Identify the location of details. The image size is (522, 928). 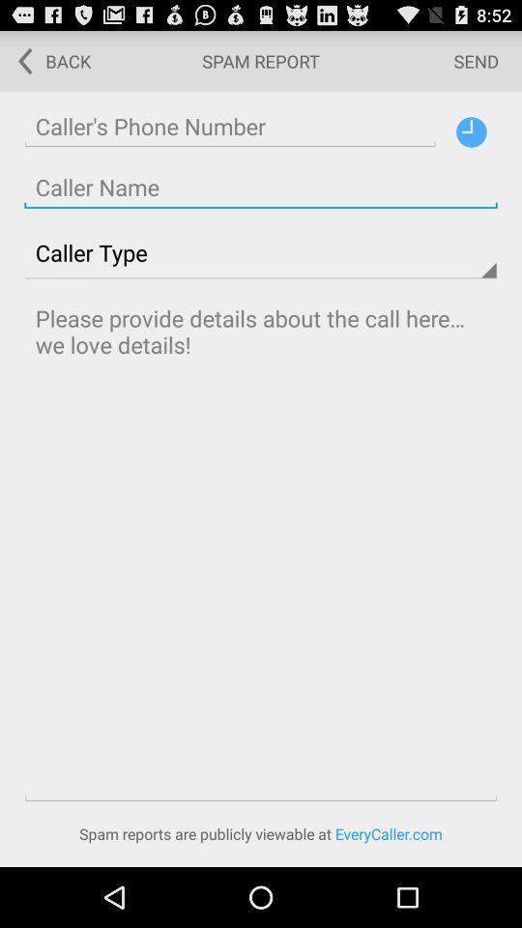
(261, 549).